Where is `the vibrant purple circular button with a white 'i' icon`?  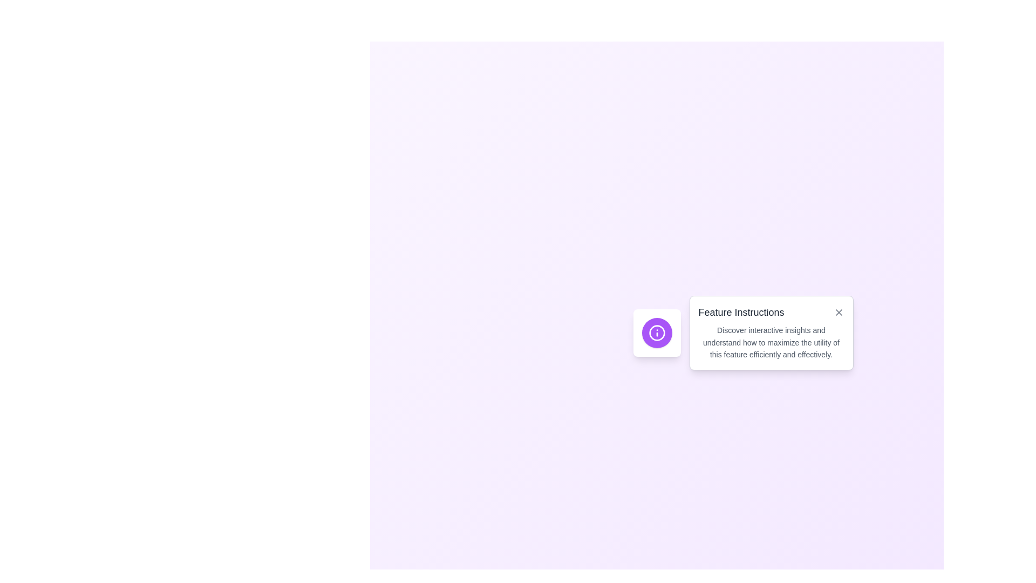 the vibrant purple circular button with a white 'i' icon is located at coordinates (656, 333).